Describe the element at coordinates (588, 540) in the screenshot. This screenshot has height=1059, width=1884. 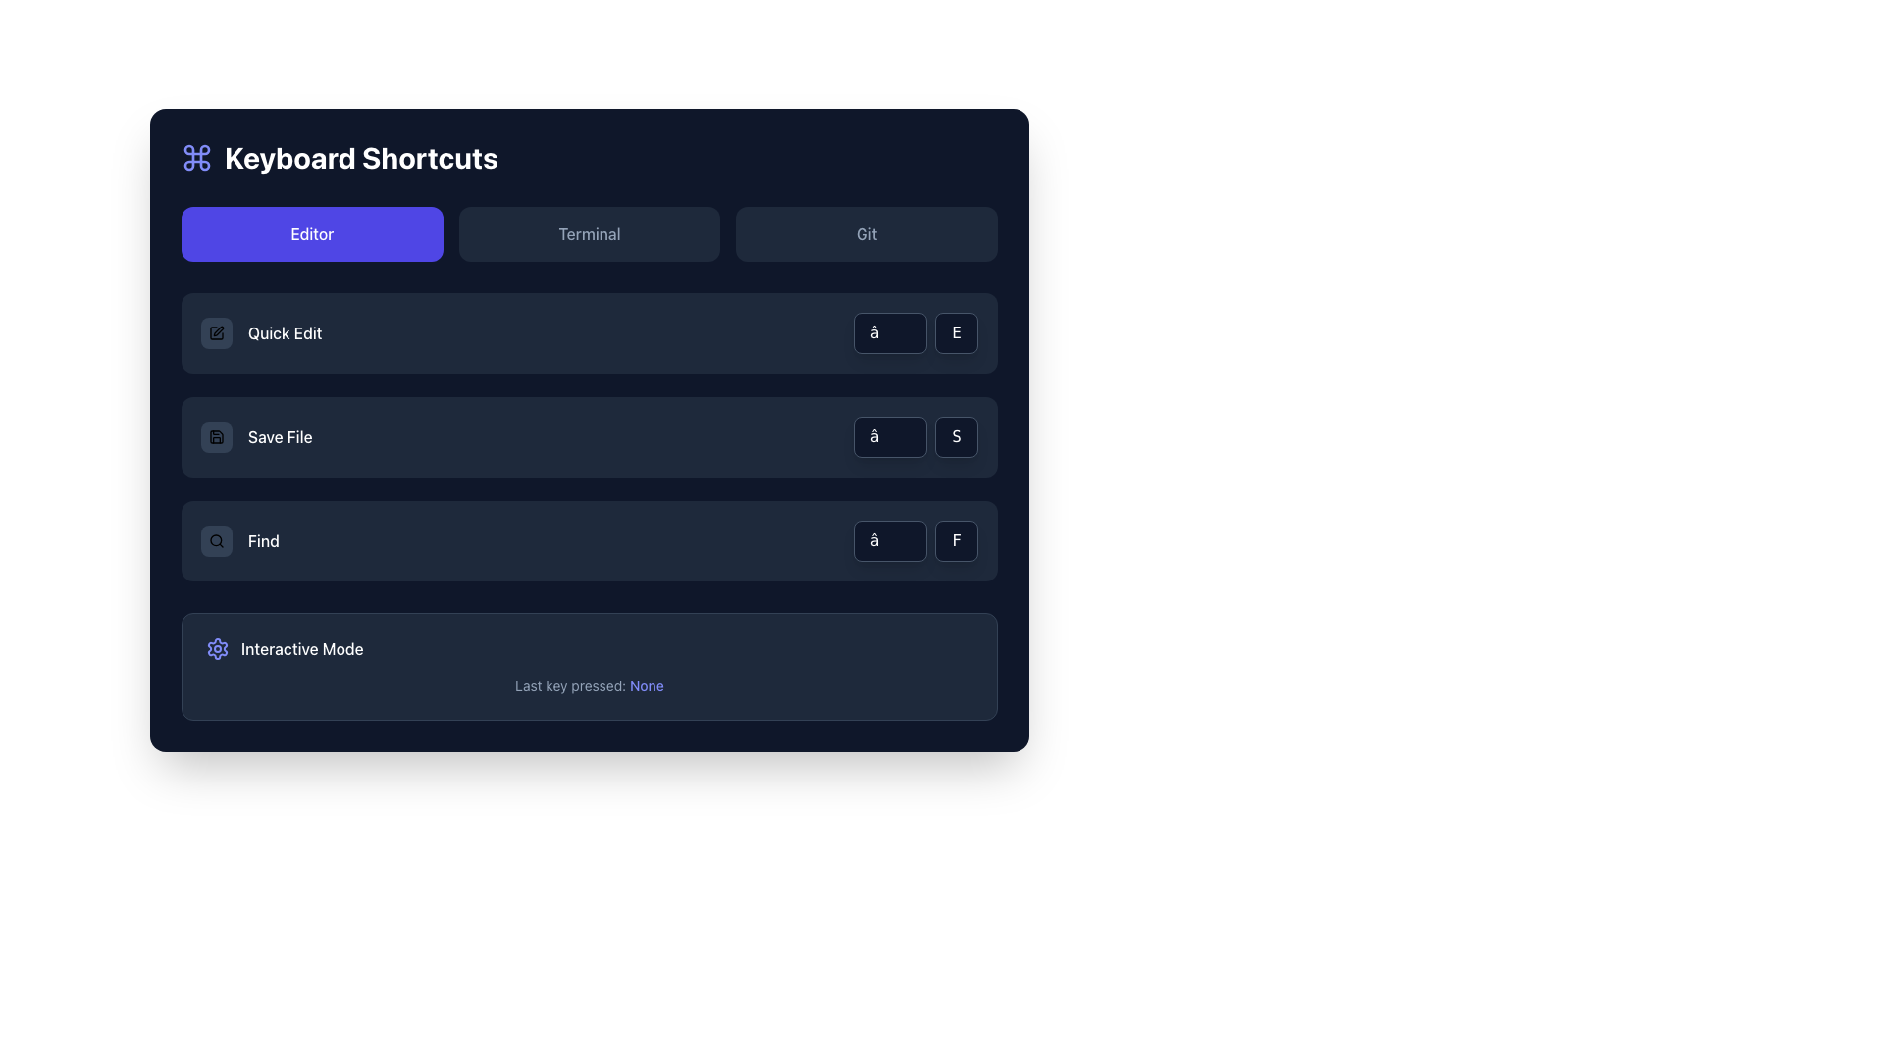
I see `the buttons in the List item containing 'Find' and its associated buttons` at that location.